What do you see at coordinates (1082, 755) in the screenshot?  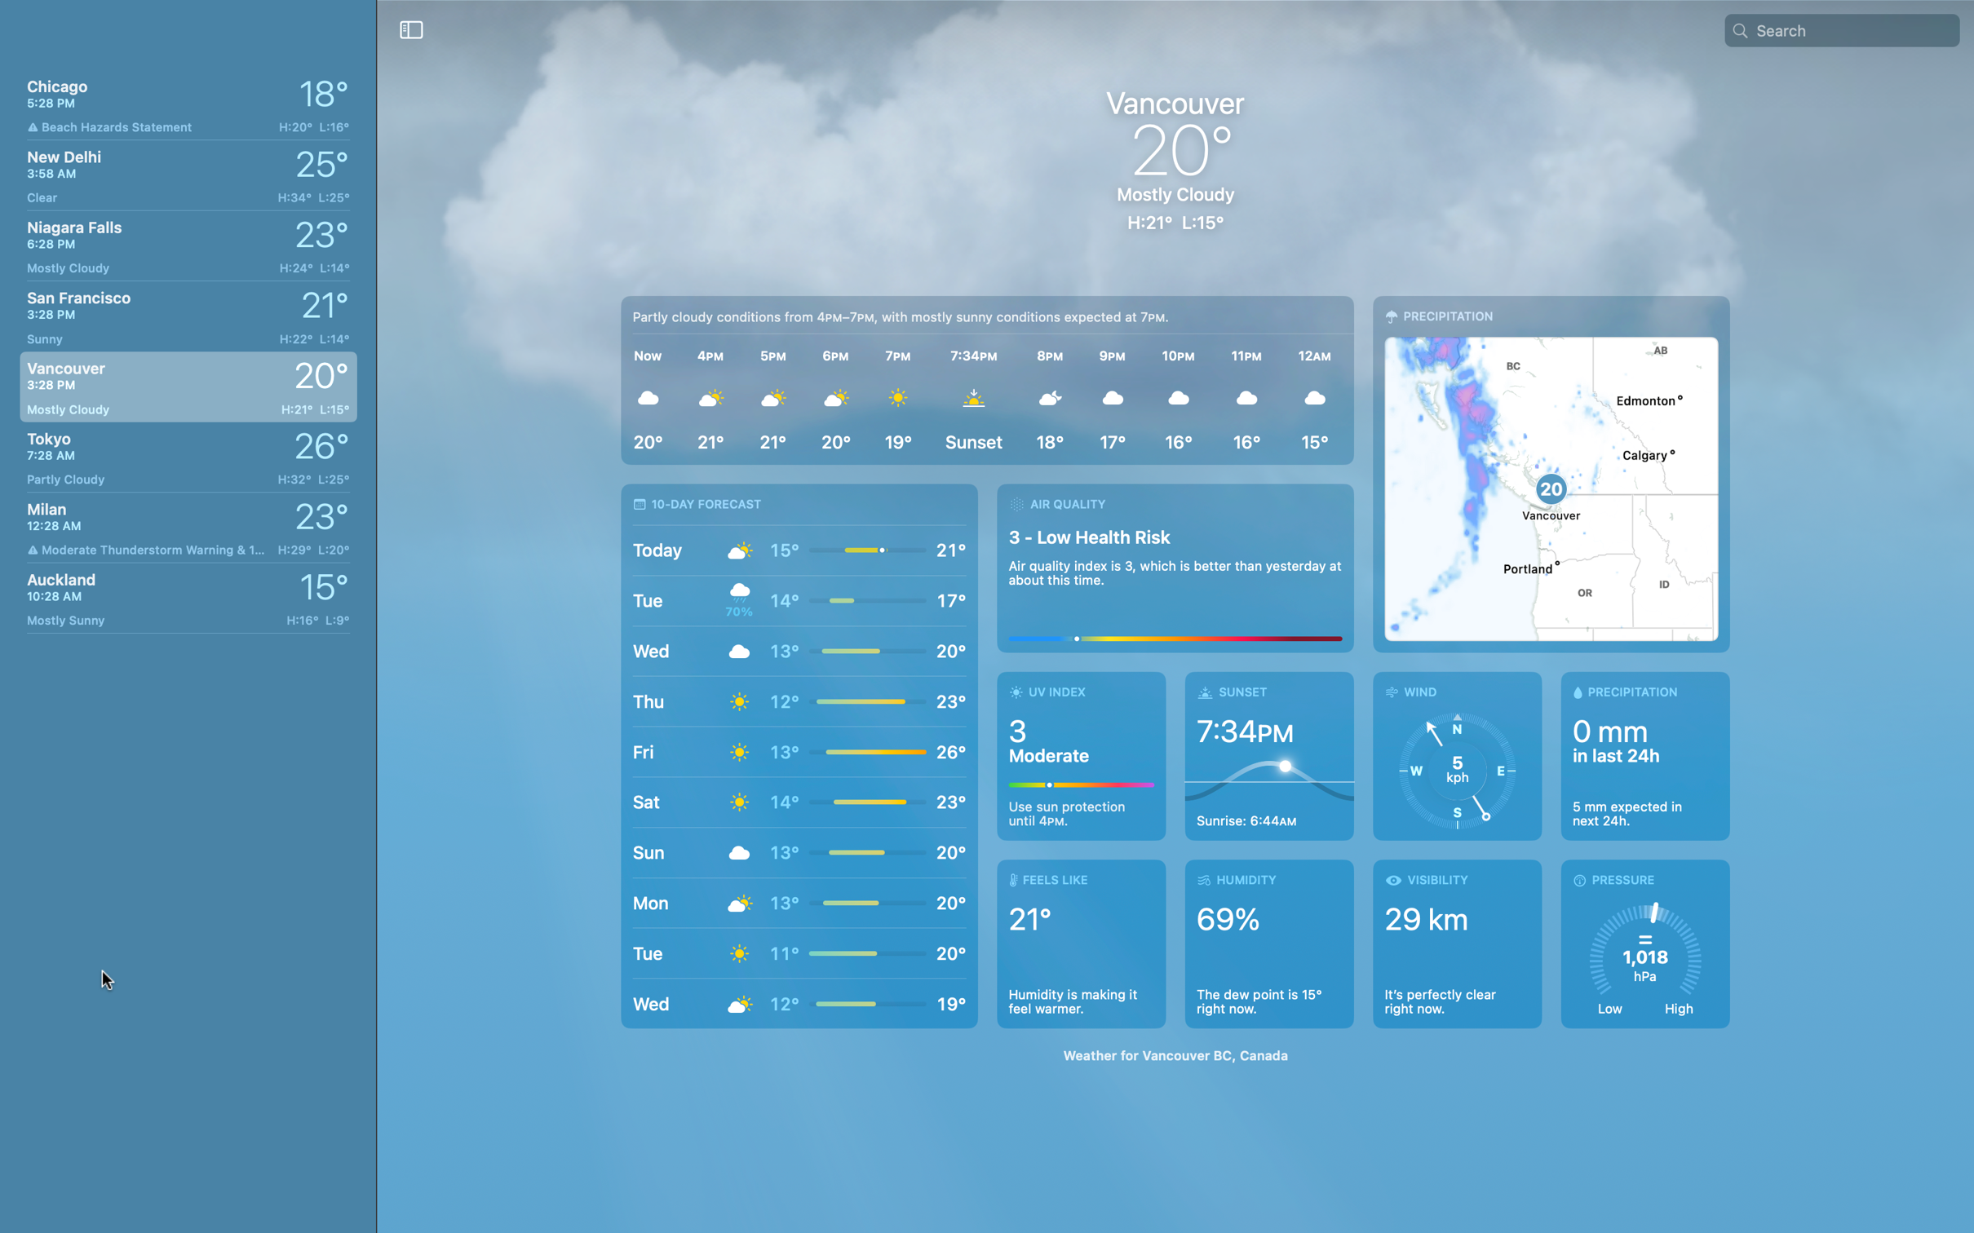 I see `View the UV index in Vancouver` at bounding box center [1082, 755].